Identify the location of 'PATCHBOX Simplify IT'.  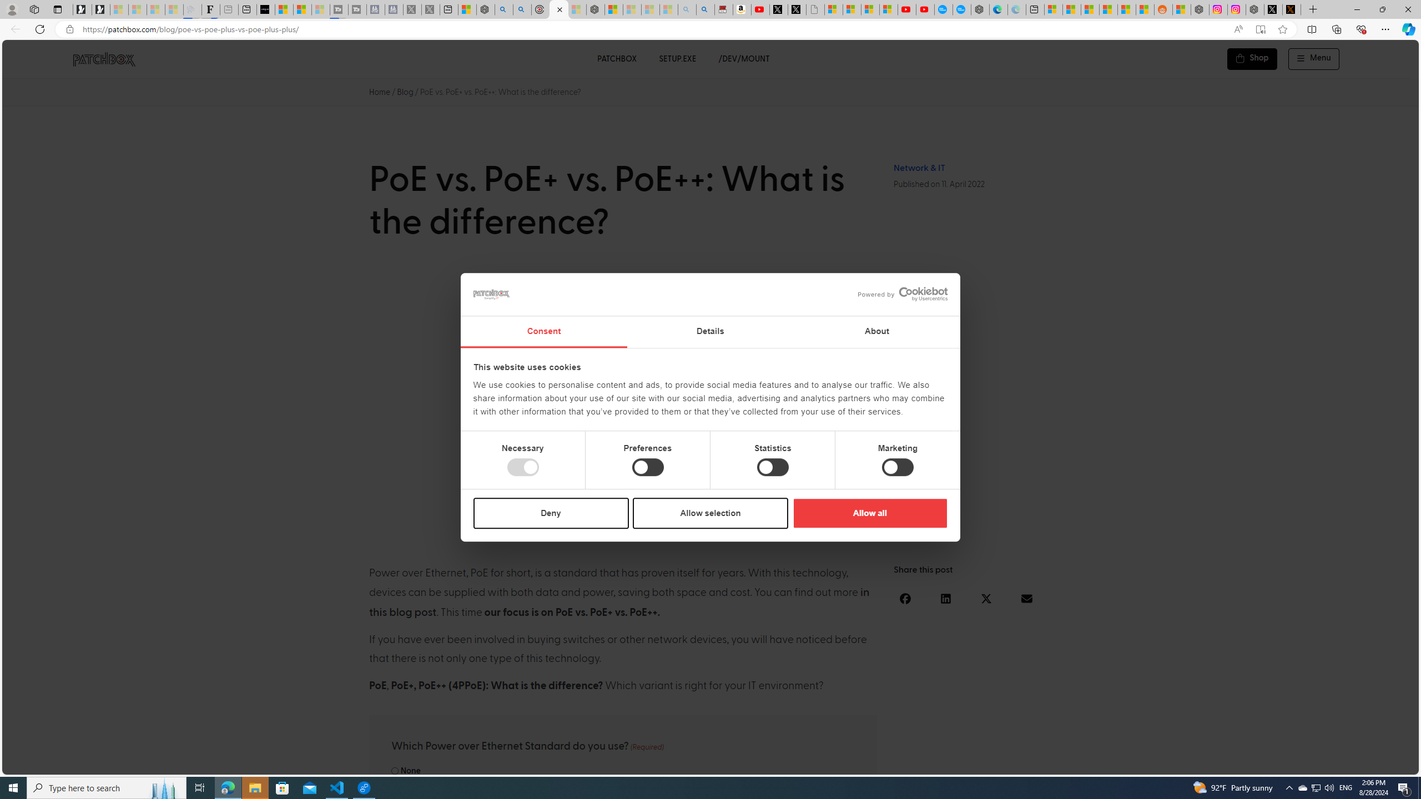
(110, 59).